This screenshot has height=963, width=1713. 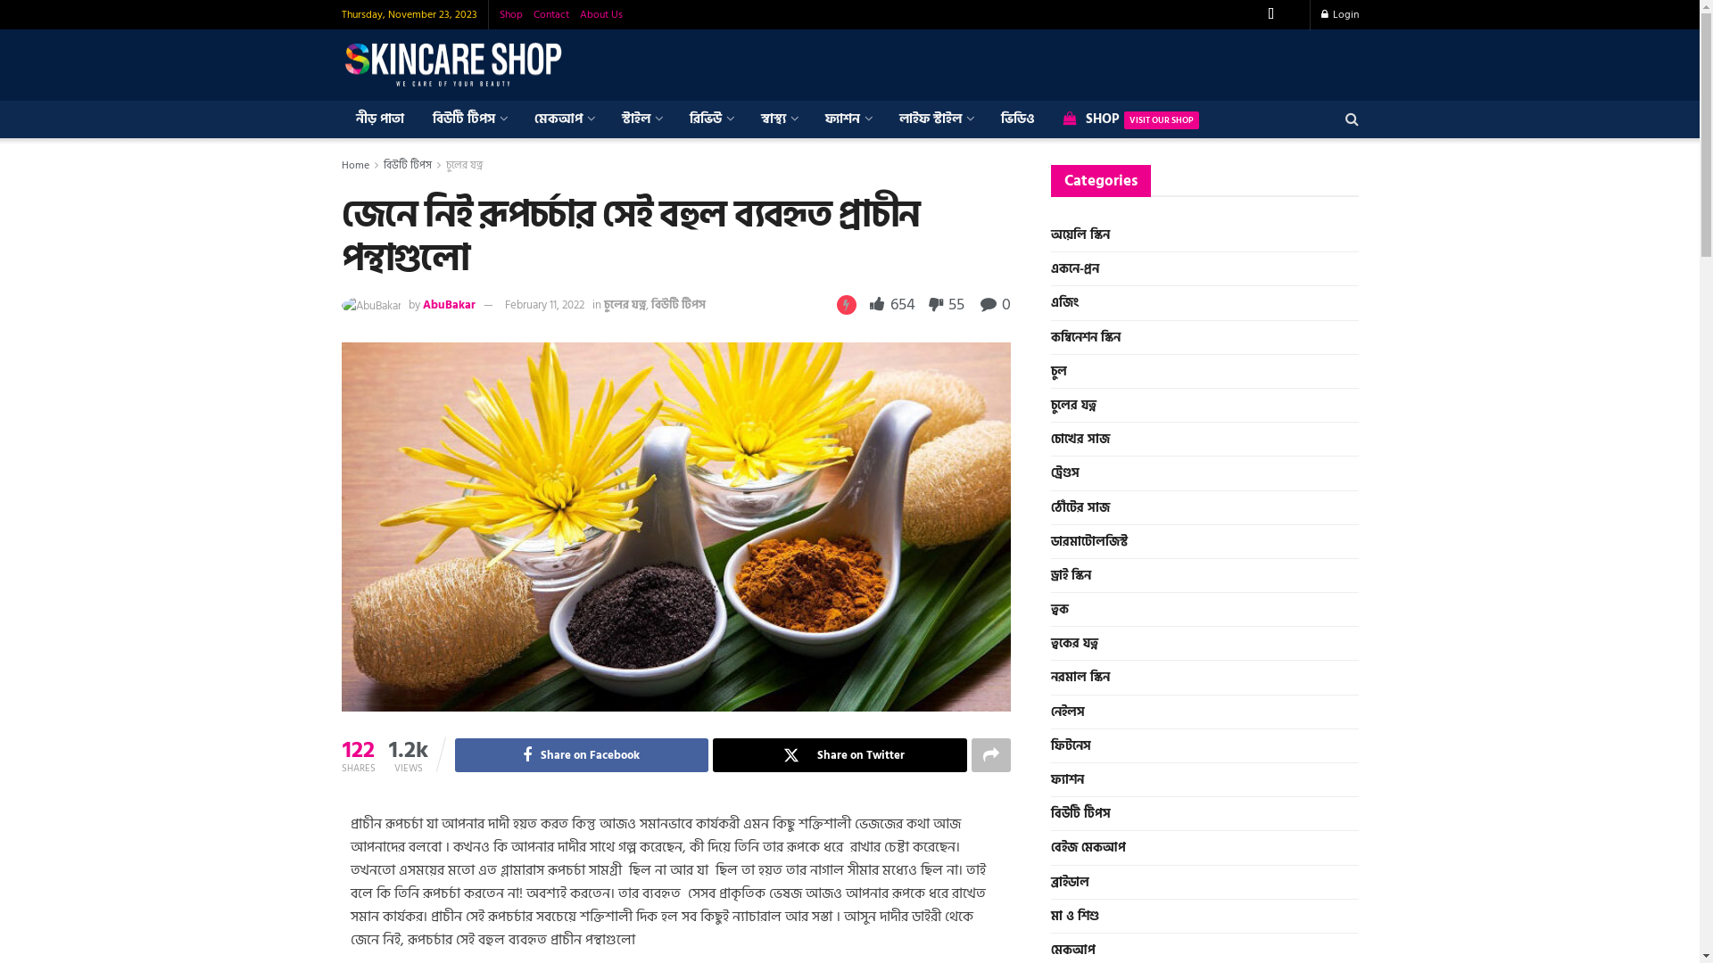 I want to click on 'AbuBakar', so click(x=422, y=304).